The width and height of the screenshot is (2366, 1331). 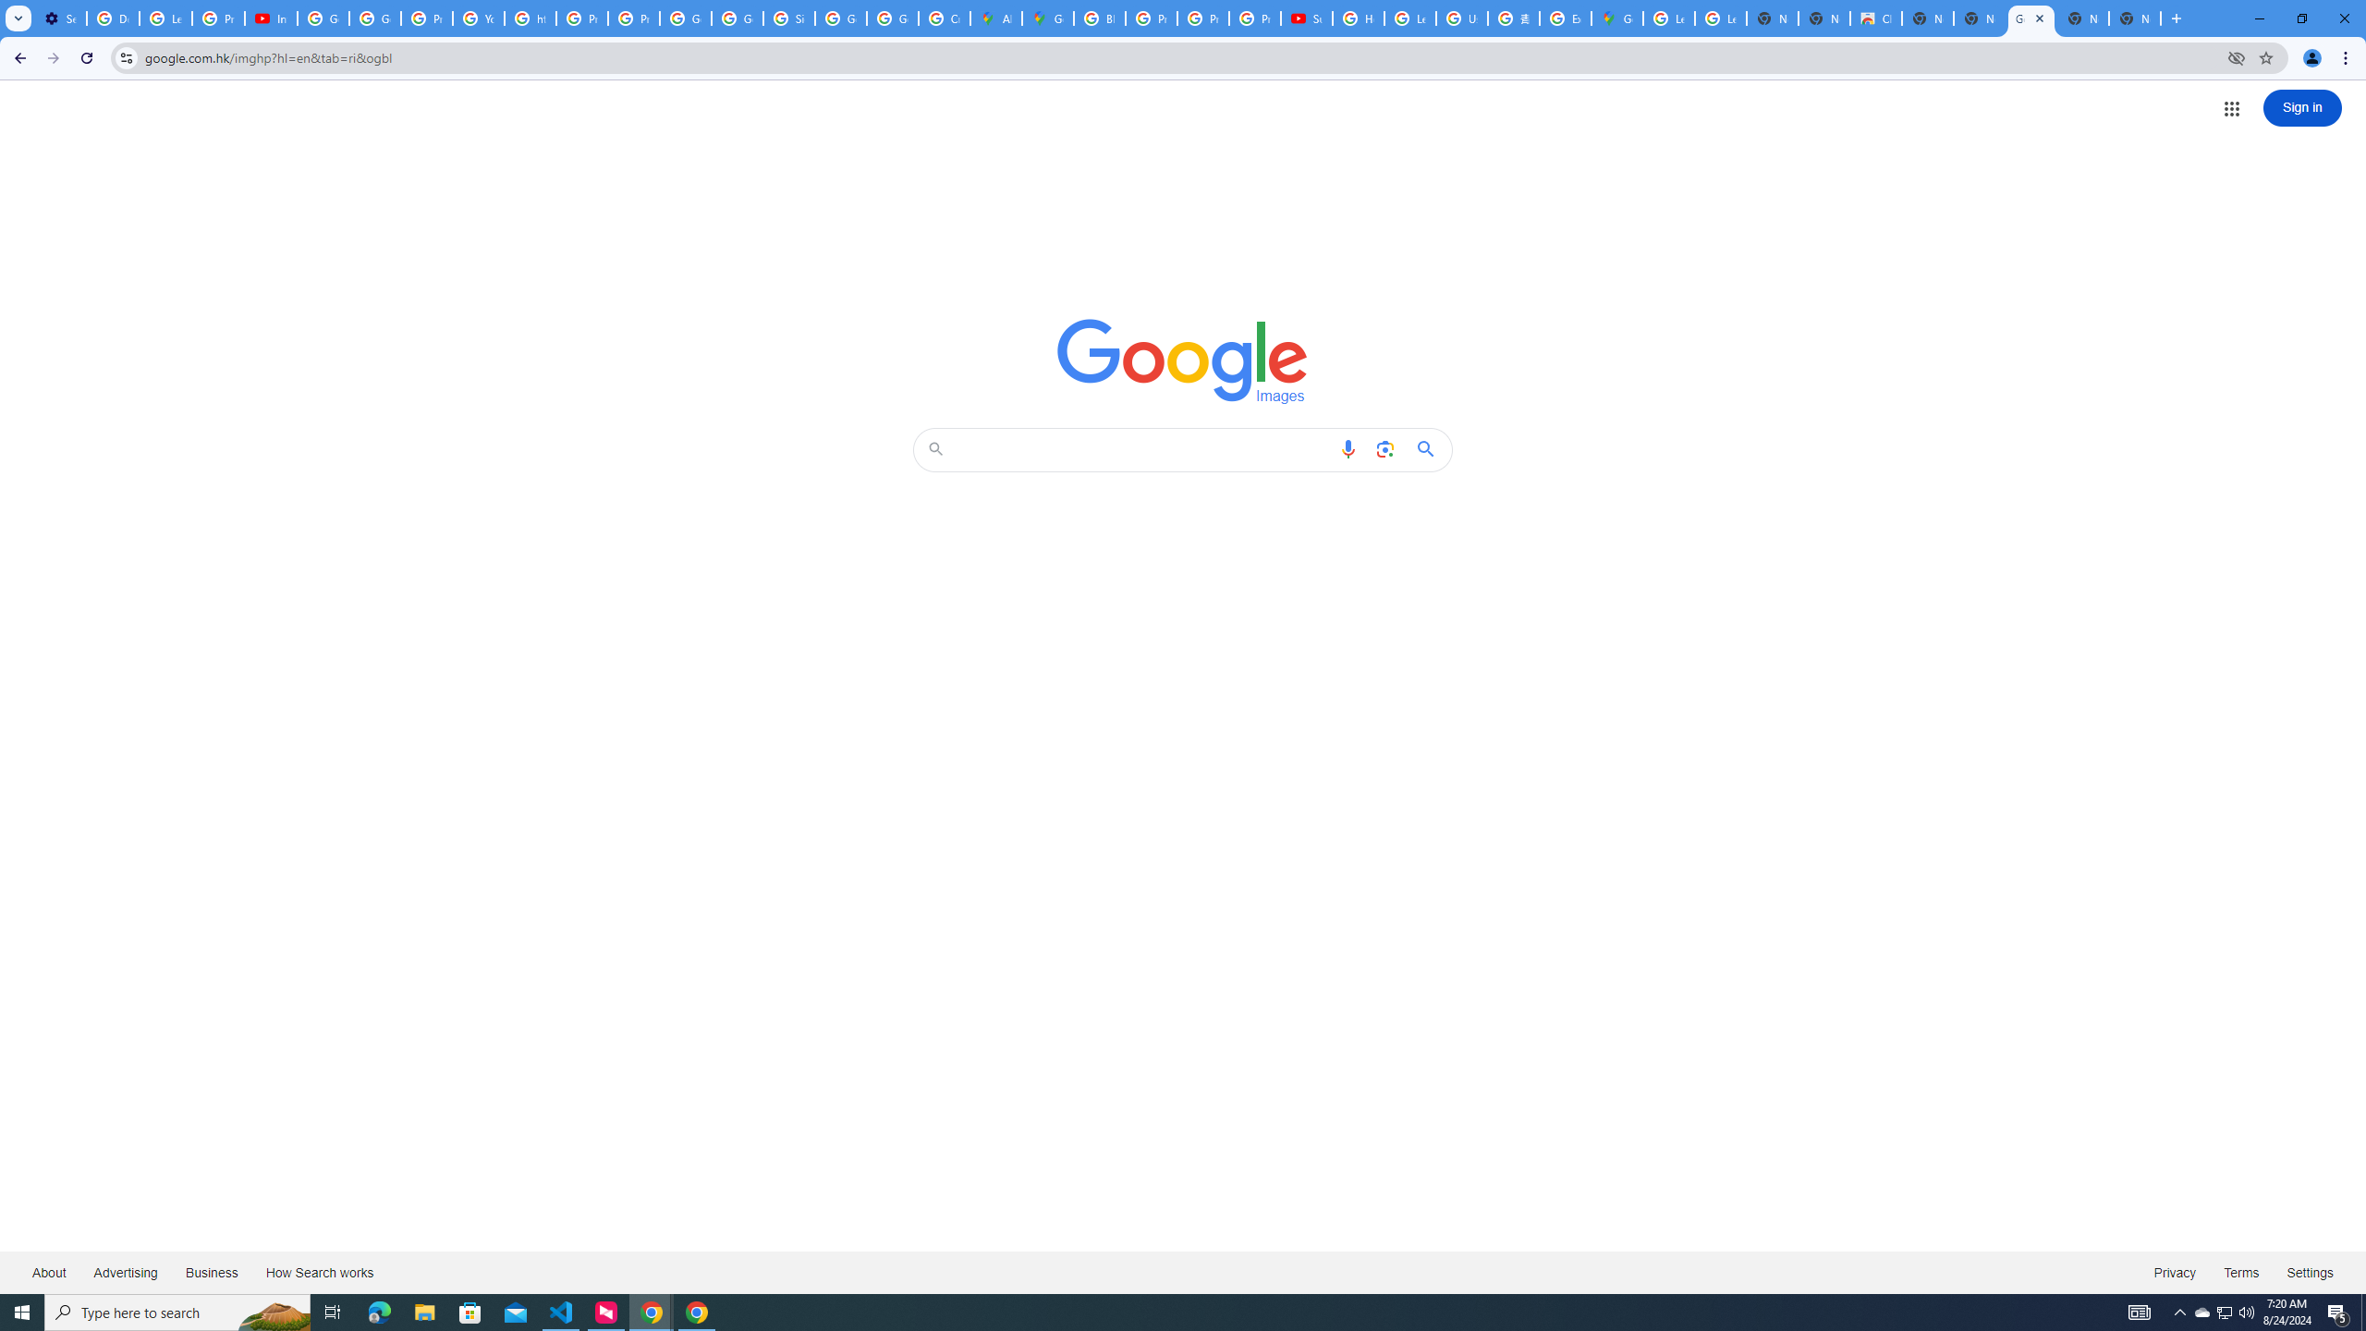 I want to click on 'Learn how to find your photos - Google Photos Help', so click(x=165, y=18).